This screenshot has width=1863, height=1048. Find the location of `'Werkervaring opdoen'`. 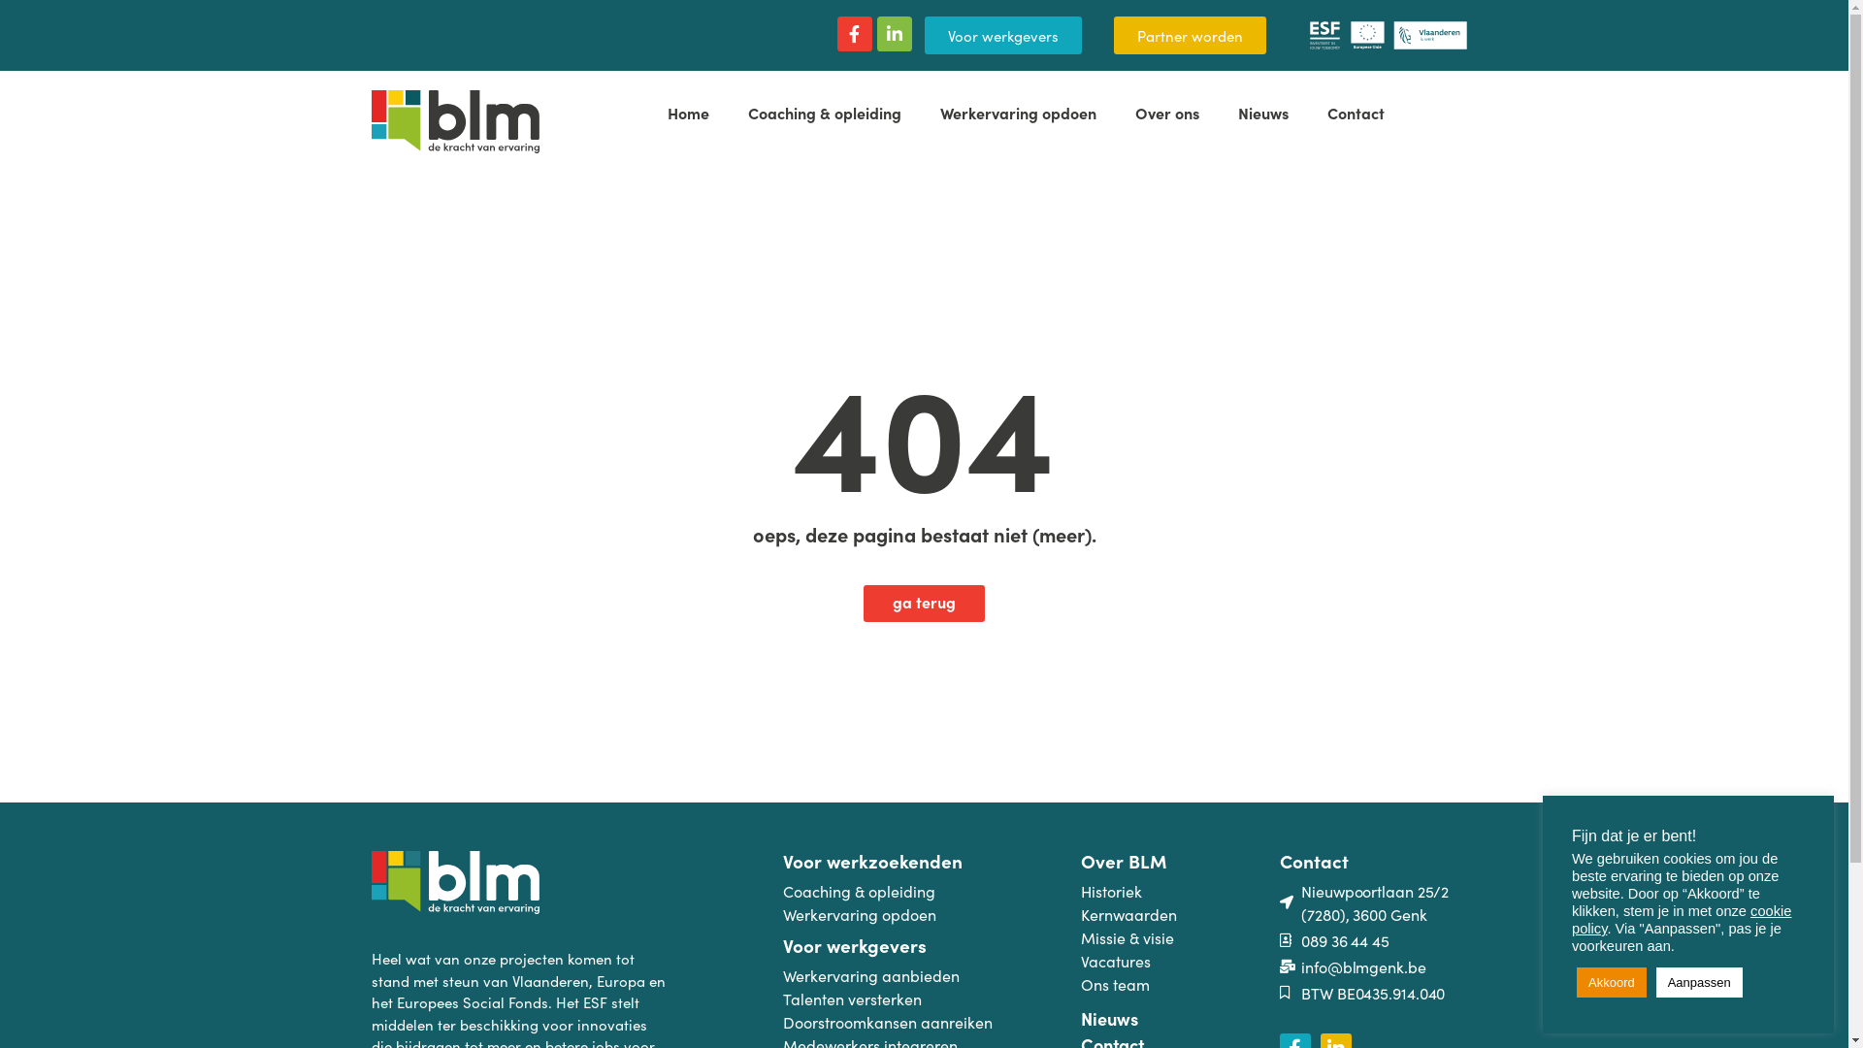

'Werkervaring opdoen' is located at coordinates (919, 112).